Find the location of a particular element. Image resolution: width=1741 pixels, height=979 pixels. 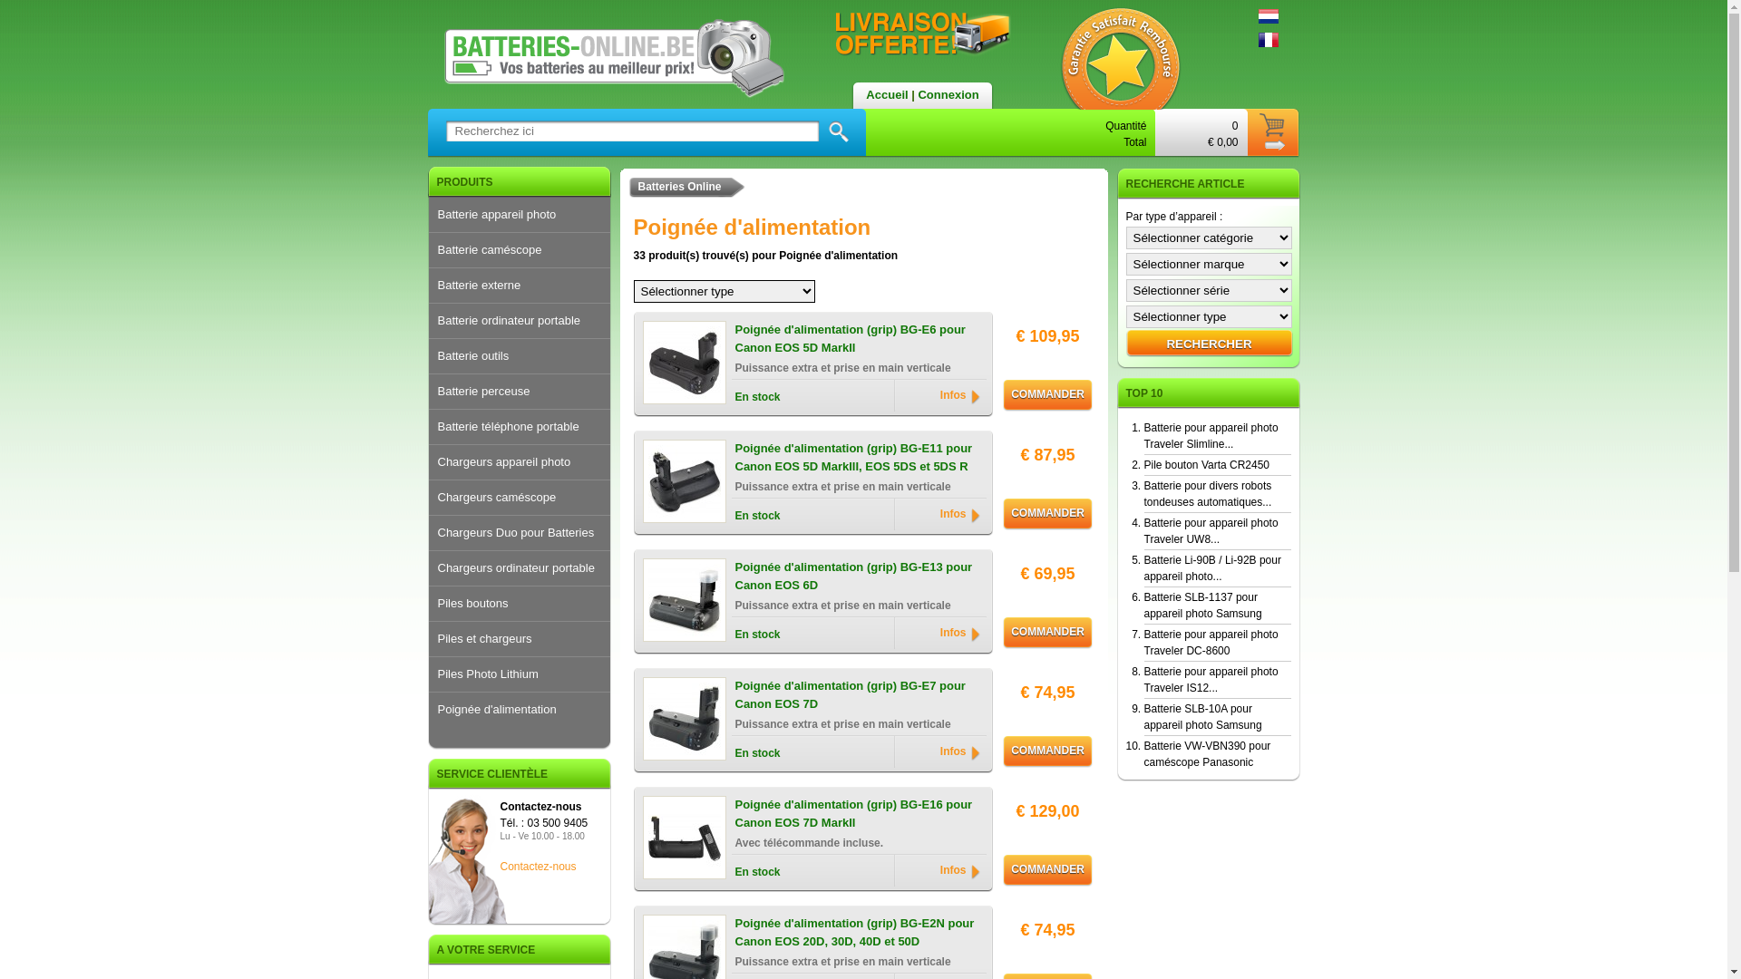

'Piles et chargeurs' is located at coordinates (426, 638).